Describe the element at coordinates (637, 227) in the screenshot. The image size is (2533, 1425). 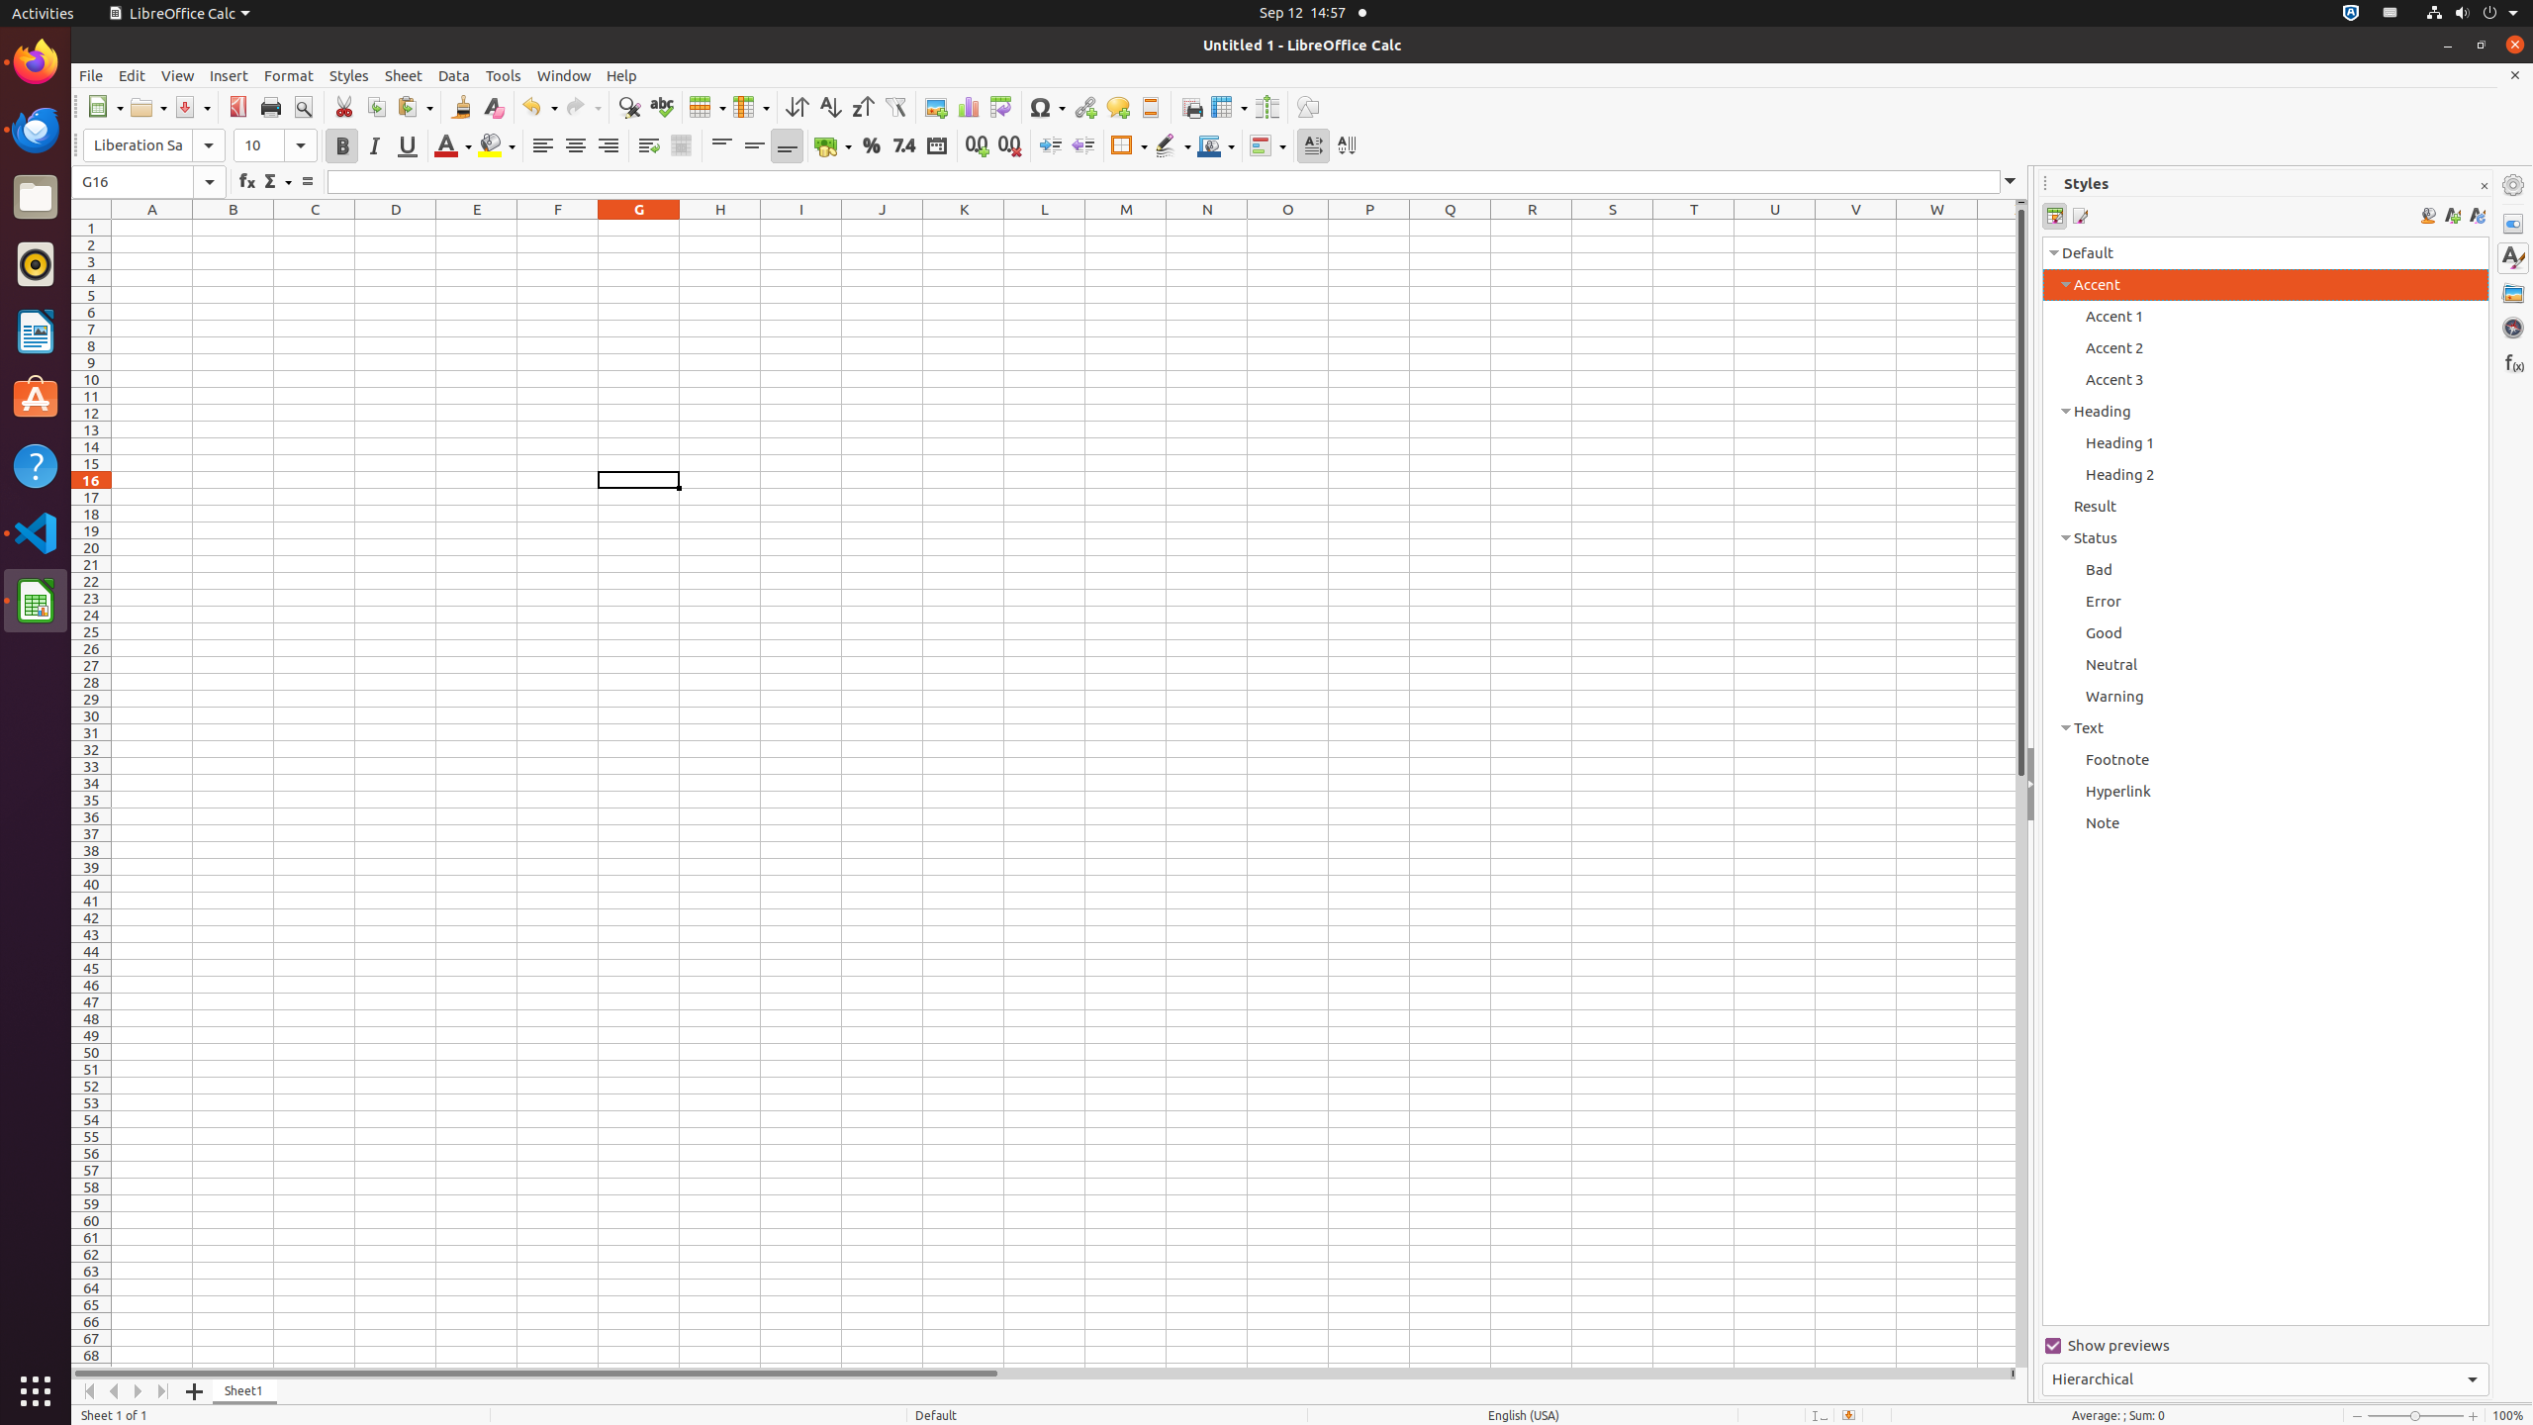
I see `'G1'` at that location.